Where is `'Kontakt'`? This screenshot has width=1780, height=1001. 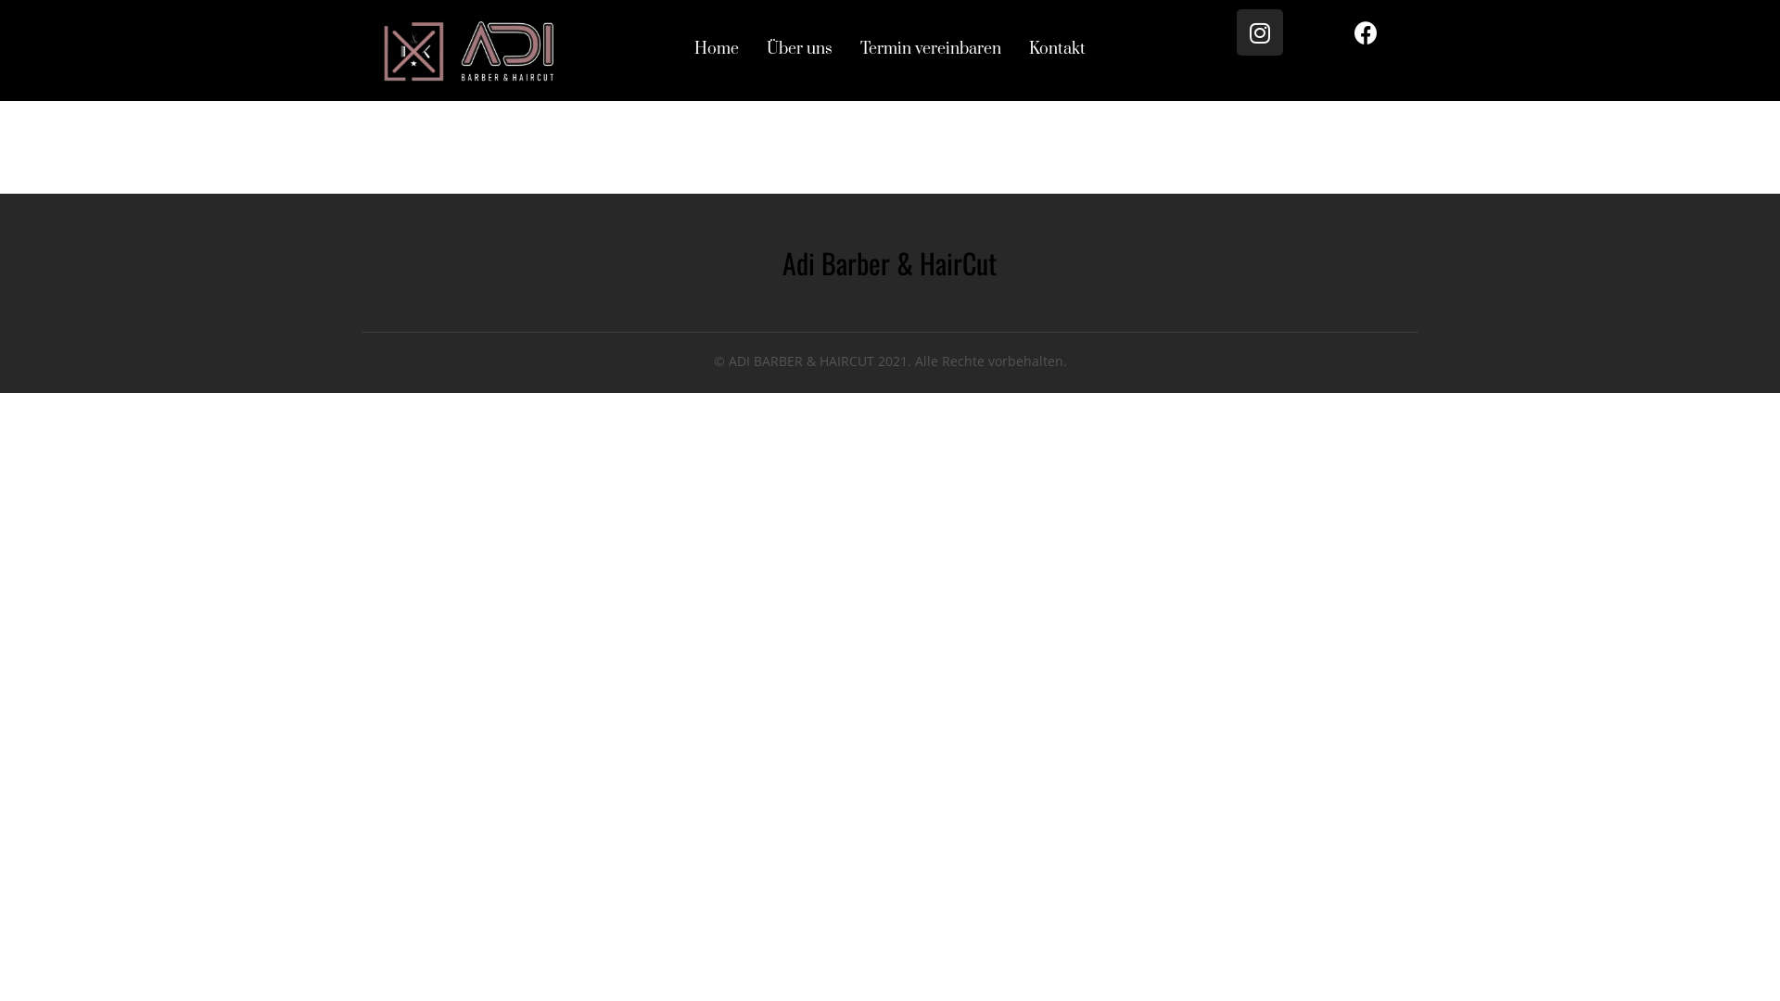
'Kontakt' is located at coordinates (1057, 48).